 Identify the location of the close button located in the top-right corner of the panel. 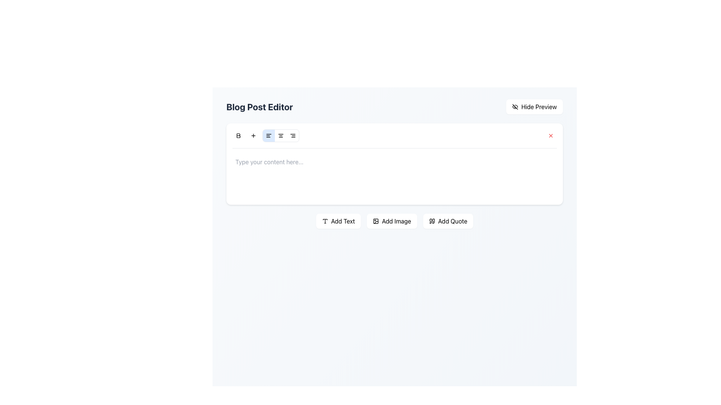
(551, 136).